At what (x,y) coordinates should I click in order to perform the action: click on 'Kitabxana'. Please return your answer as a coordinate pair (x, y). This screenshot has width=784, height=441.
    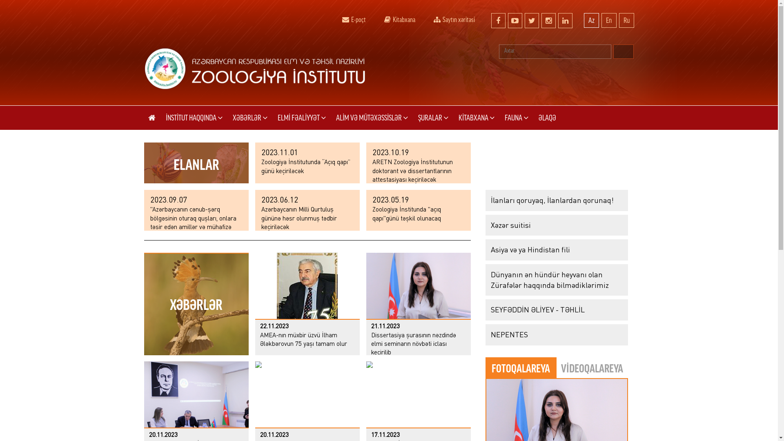
    Looking at the image, I should click on (399, 18).